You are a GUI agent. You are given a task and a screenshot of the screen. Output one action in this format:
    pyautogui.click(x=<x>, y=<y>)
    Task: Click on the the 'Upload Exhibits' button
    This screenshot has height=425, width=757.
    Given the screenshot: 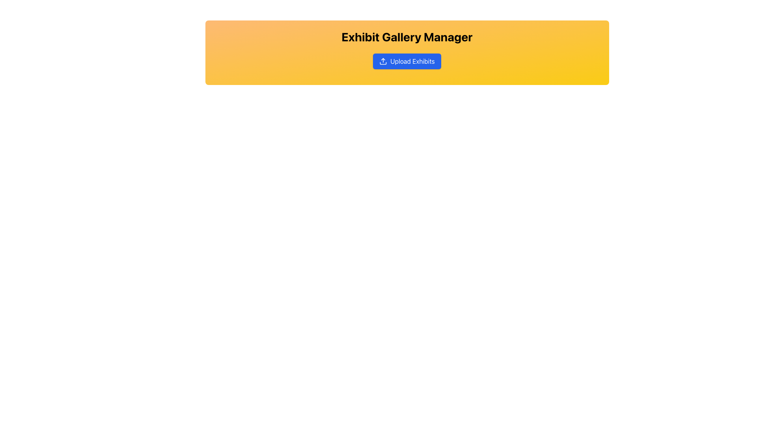 What is the action you would take?
    pyautogui.click(x=407, y=61)
    